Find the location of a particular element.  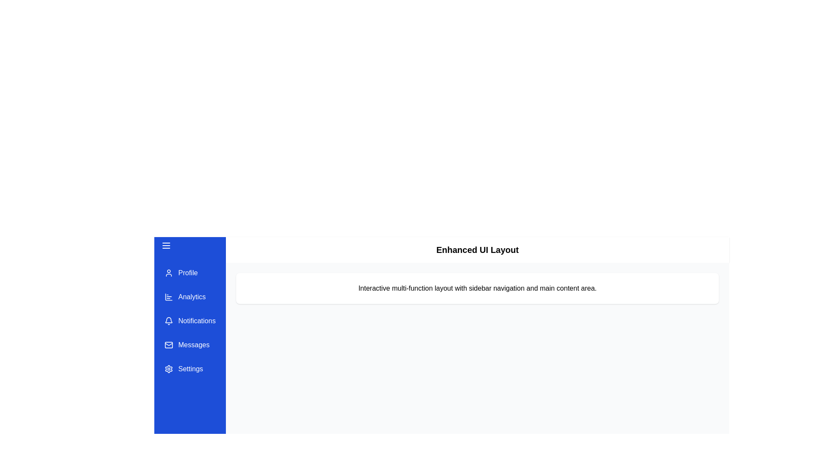

the main body of the envelope icon in the sidebar navigation for the 'Messages' menu item, located between 'Notifications' and 'Settings' is located at coordinates (168, 345).